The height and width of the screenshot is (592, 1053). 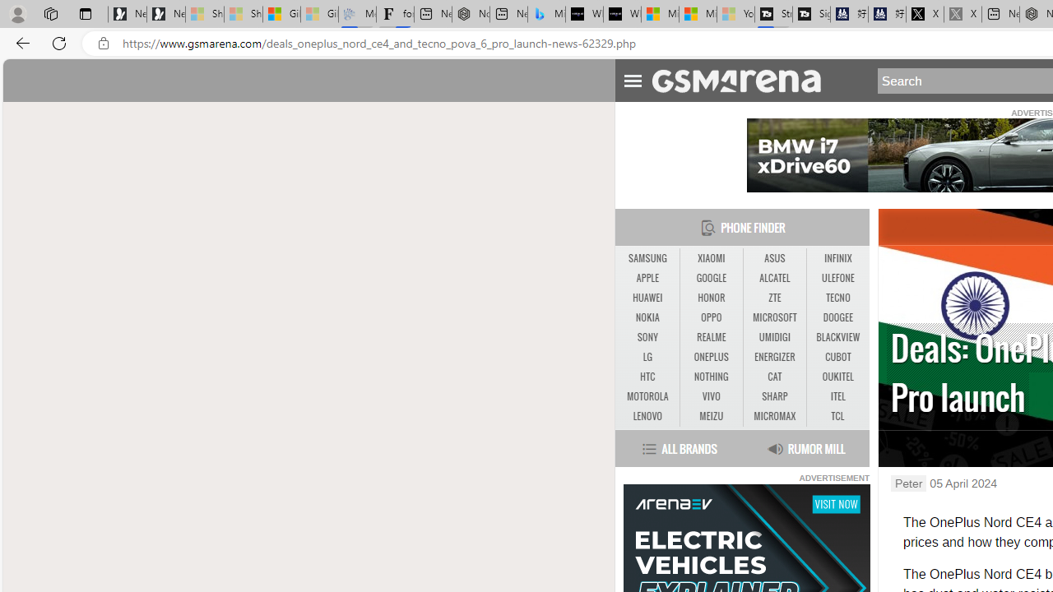 I want to click on 'Toggle Navigation', so click(x=632, y=78).